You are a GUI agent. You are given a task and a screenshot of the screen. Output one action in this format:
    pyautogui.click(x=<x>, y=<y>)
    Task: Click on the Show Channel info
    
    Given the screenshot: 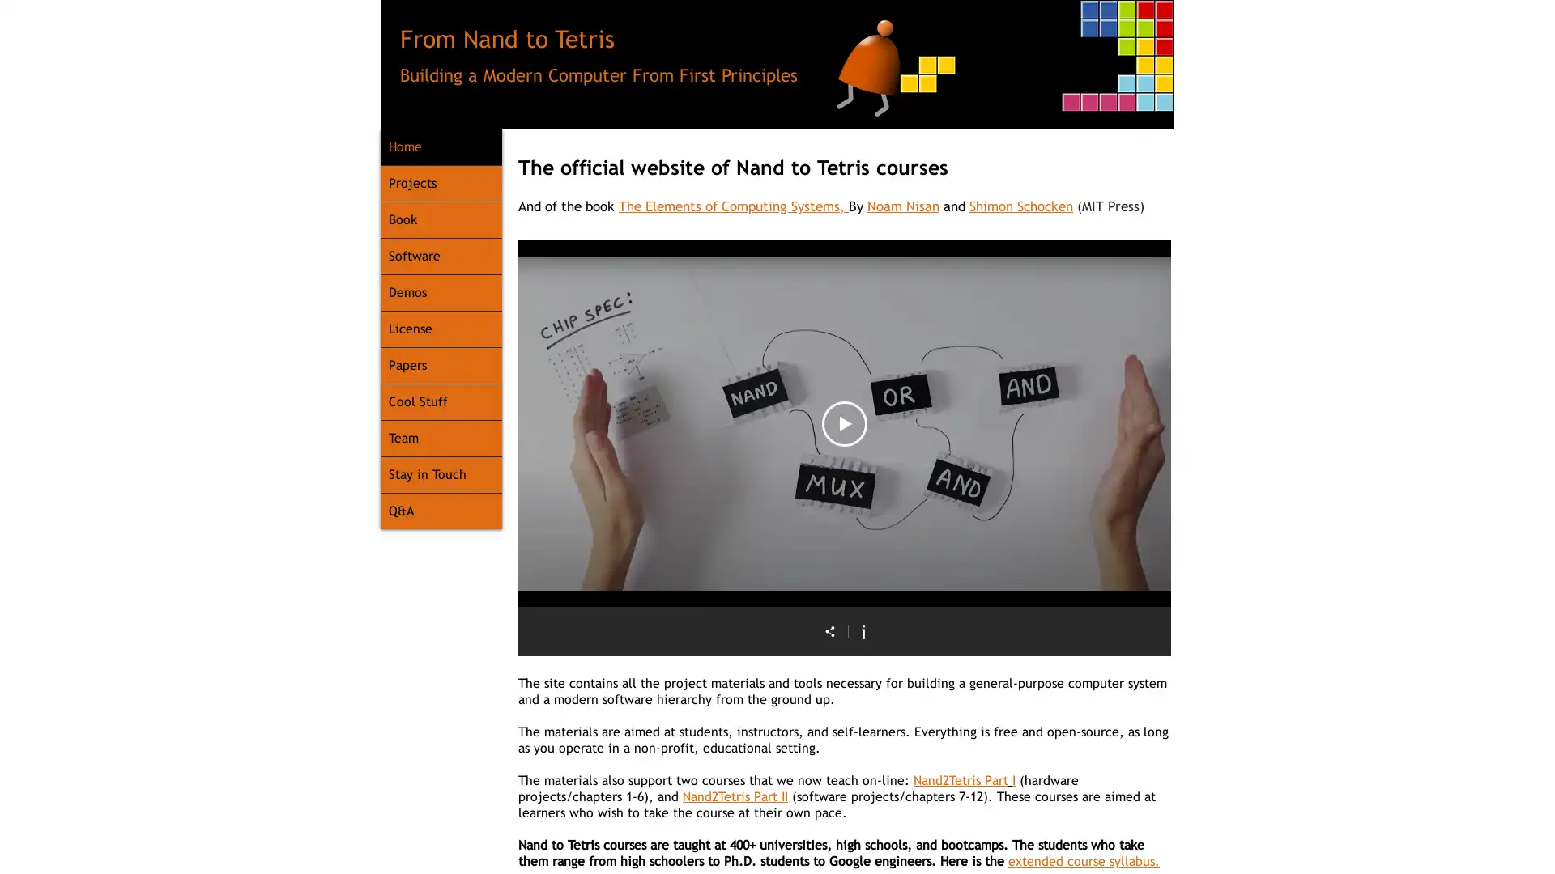 What is the action you would take?
    pyautogui.click(x=862, y=630)
    